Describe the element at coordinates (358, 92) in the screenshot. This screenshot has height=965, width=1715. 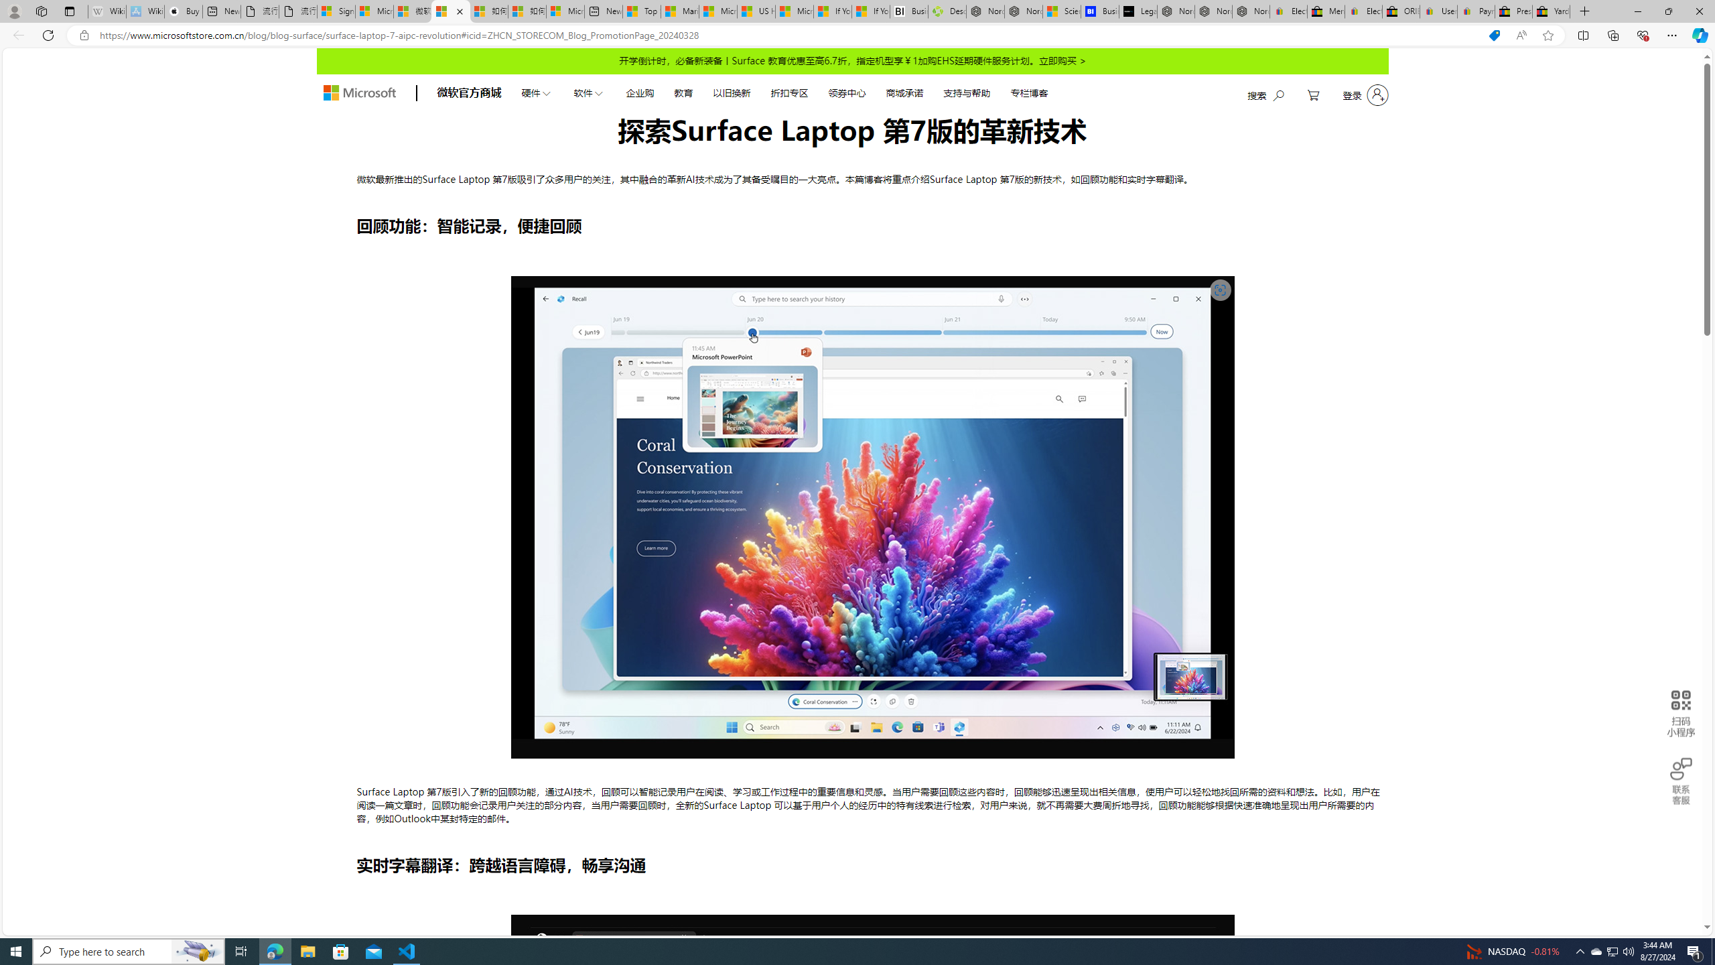
I see `'store logo'` at that location.